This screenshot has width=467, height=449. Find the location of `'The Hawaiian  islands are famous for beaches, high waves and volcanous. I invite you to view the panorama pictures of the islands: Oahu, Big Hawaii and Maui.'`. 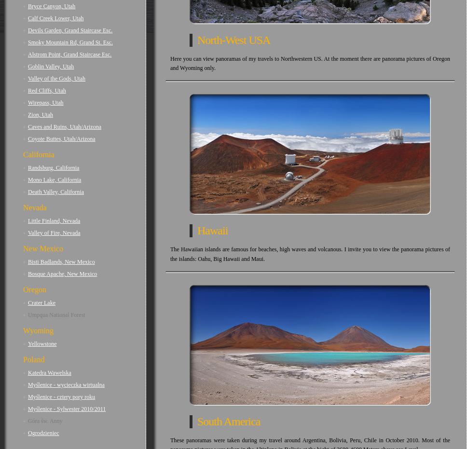

'The Hawaiian  islands are famous for beaches, high waves and volcanous. I invite you to view the panorama pictures of the islands: Oahu, Big Hawaii and Maui.' is located at coordinates (310, 254).